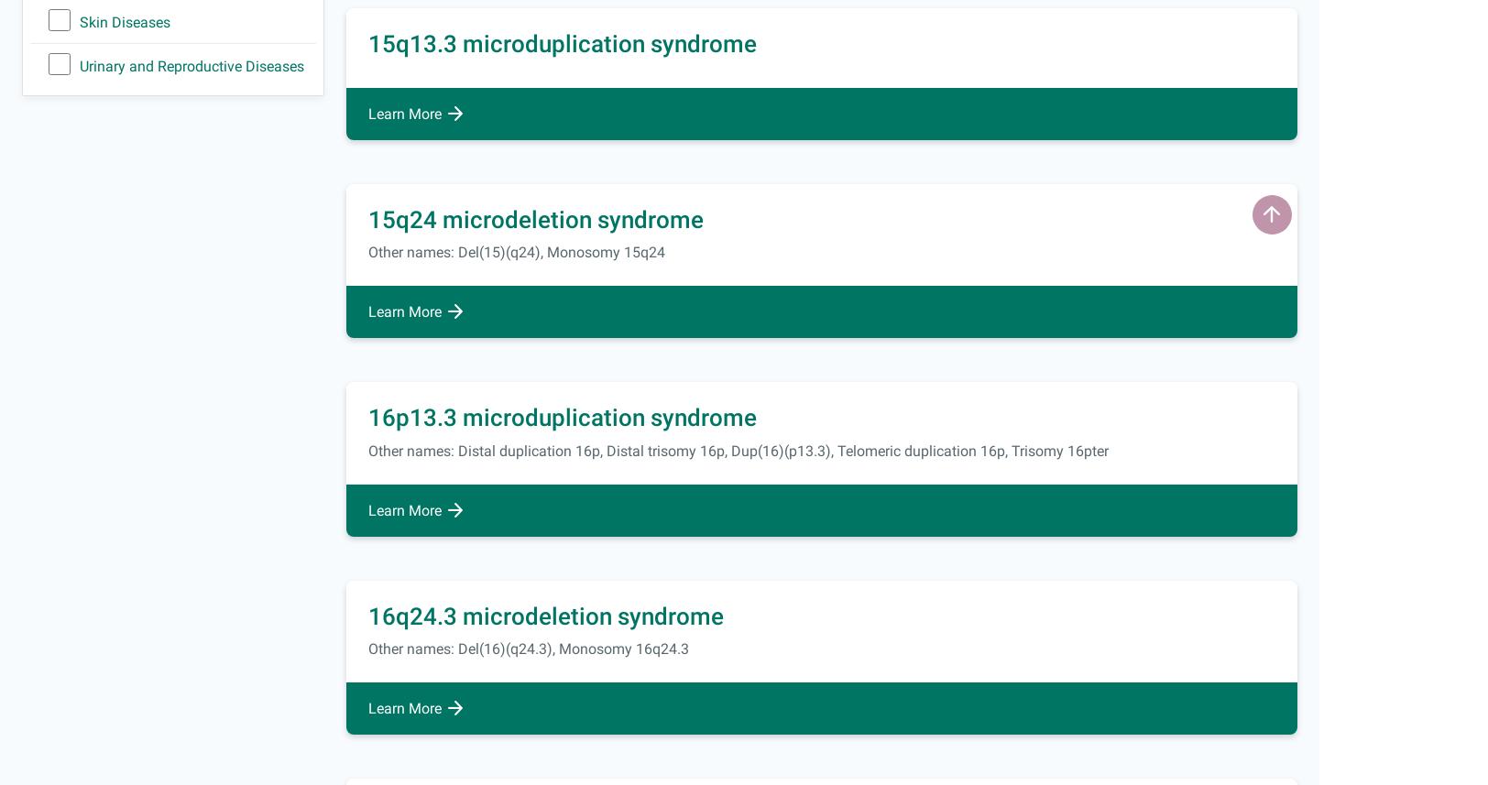 This screenshot has width=1488, height=785. Describe the element at coordinates (367, 251) in the screenshot. I see `'Other names: Del(15)(q24), Monosomy 15q24'` at that location.